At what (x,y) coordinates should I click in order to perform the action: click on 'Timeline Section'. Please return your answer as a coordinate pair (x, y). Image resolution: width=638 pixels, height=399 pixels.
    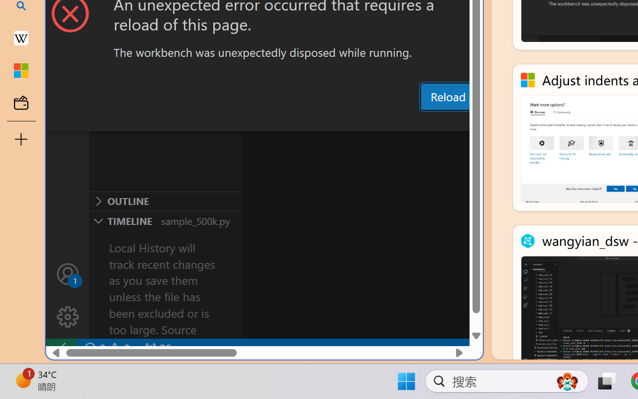
    Looking at the image, I should click on (165, 220).